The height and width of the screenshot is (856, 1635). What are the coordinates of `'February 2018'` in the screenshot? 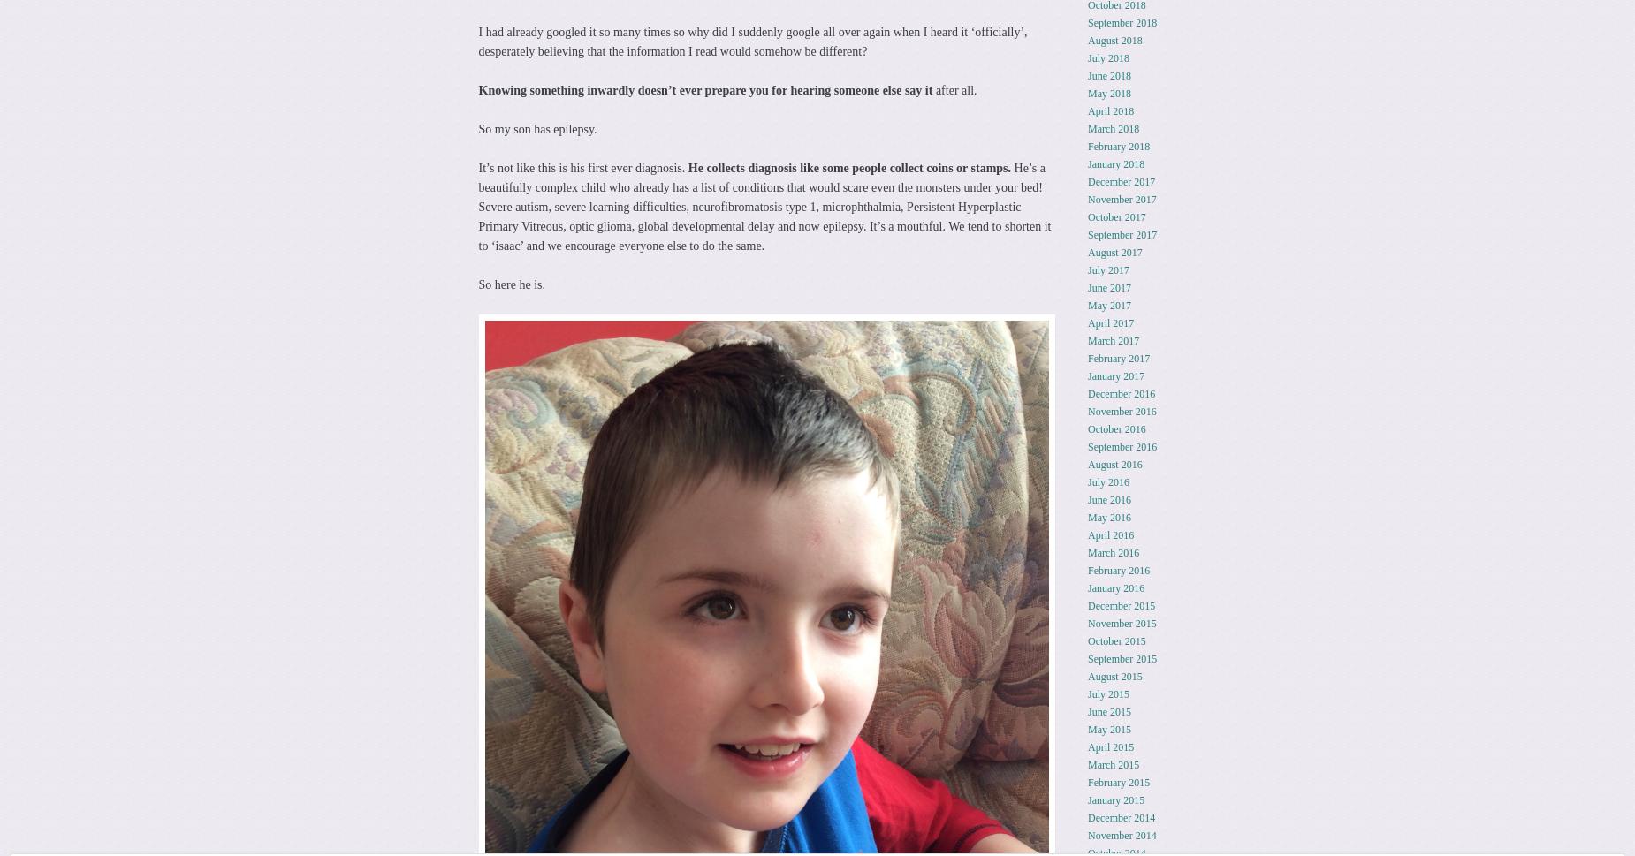 It's located at (1086, 145).